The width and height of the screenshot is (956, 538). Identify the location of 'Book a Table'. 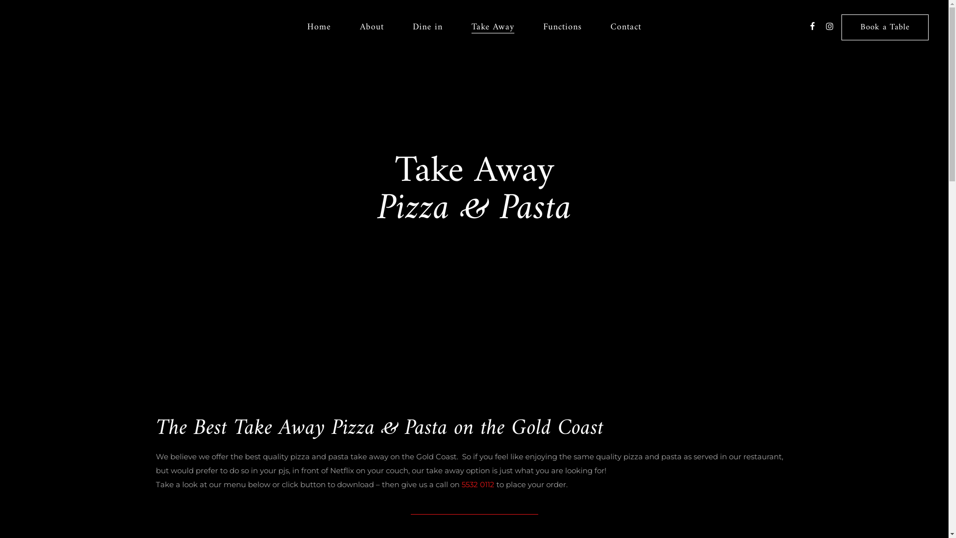
(885, 26).